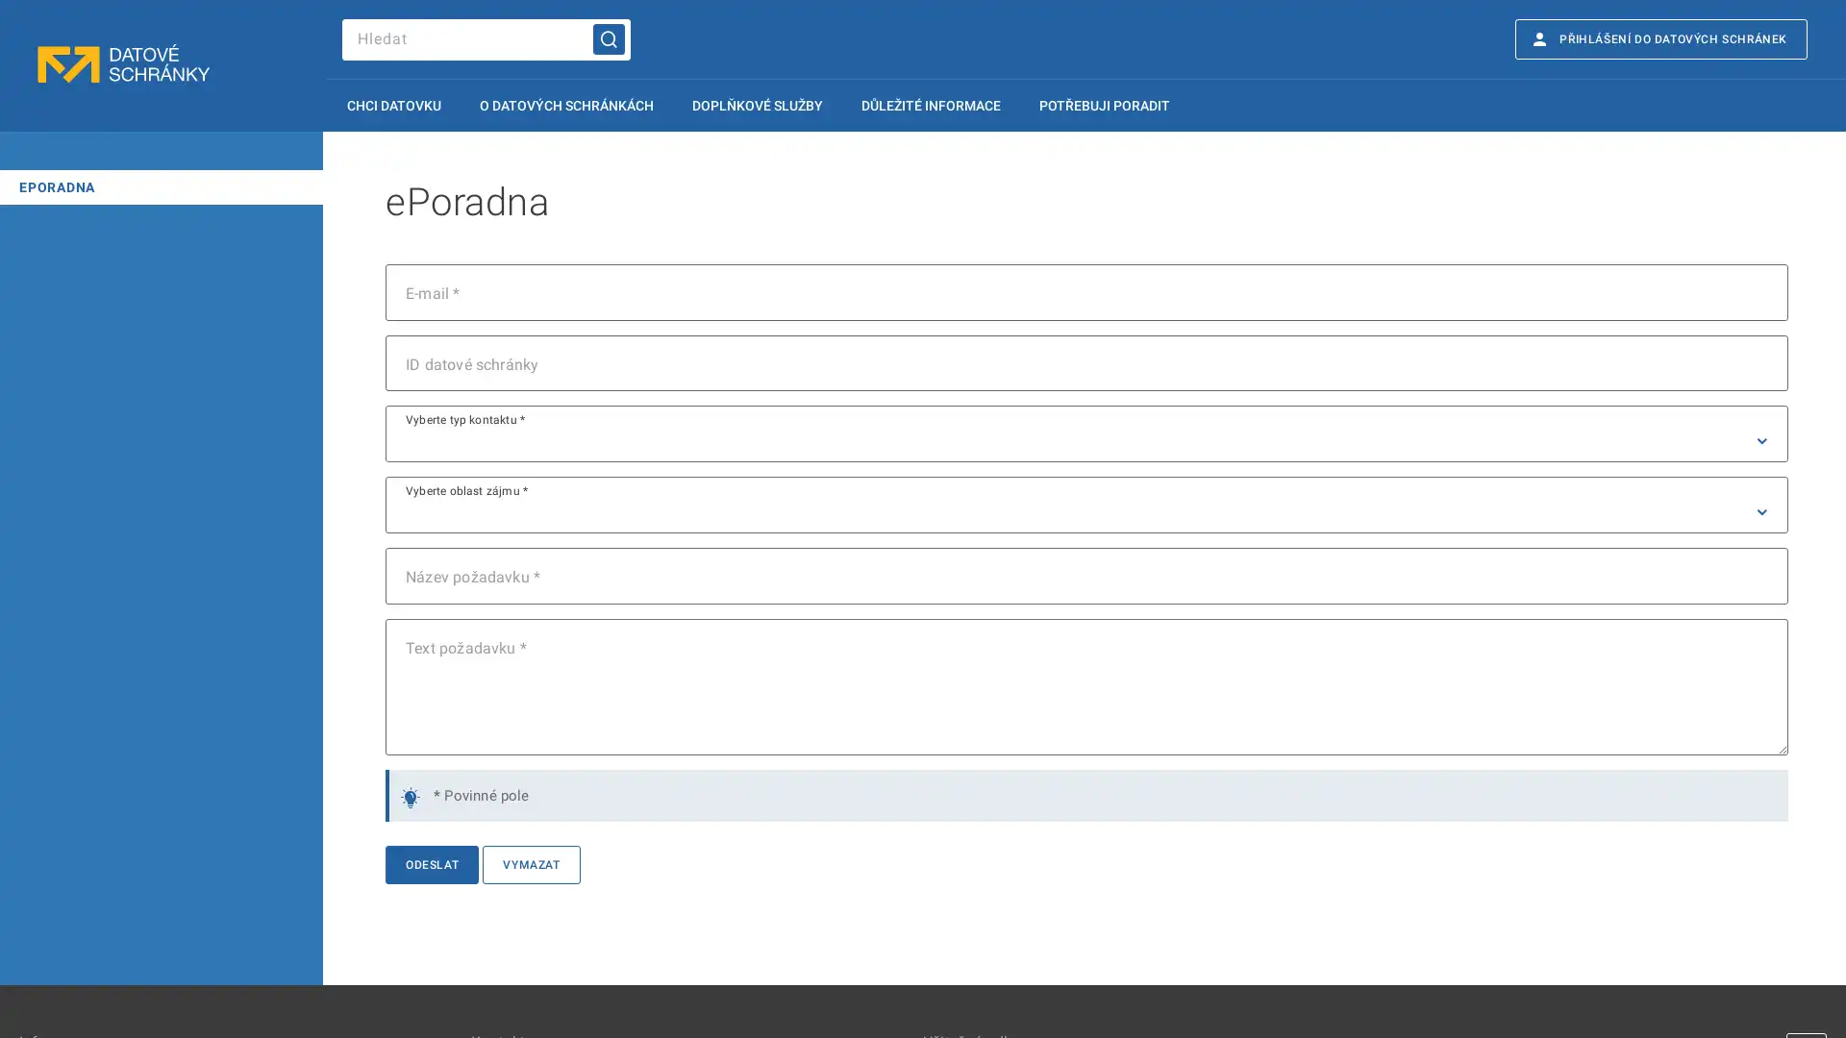 This screenshot has height=1038, width=1846. Describe the element at coordinates (531, 862) in the screenshot. I see `VYMAZAT` at that location.